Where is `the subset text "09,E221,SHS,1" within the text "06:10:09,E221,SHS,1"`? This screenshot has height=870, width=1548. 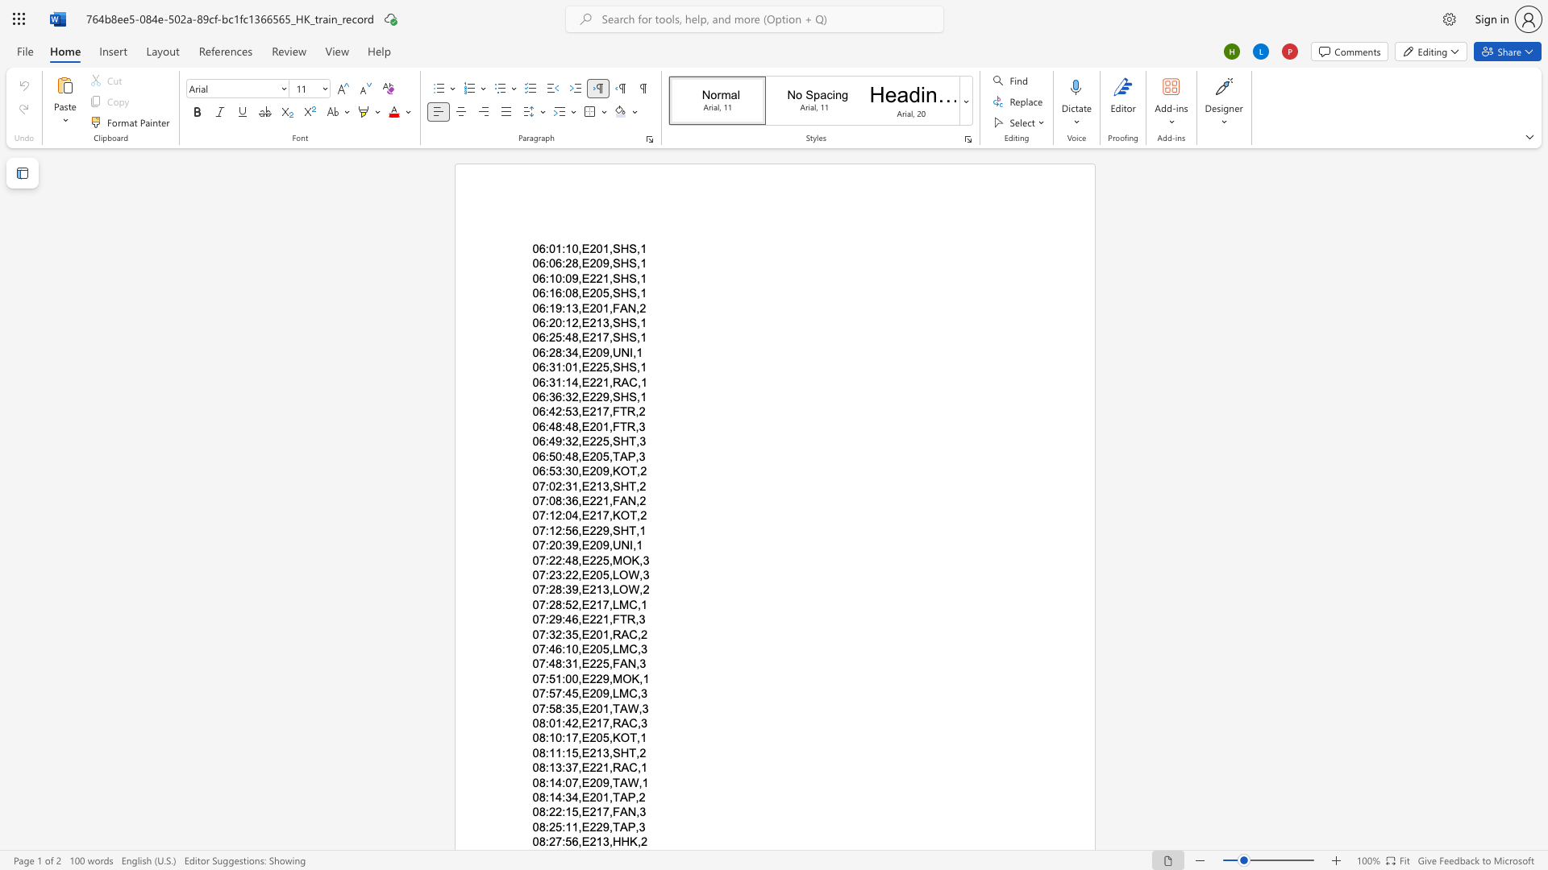
the subset text "09,E221,SHS,1" within the text "06:10:09,E221,SHS,1" is located at coordinates (565, 277).